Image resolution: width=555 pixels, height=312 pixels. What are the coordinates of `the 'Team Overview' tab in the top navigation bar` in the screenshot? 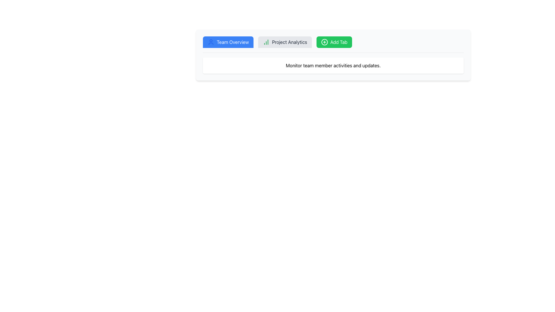 It's located at (233, 42).